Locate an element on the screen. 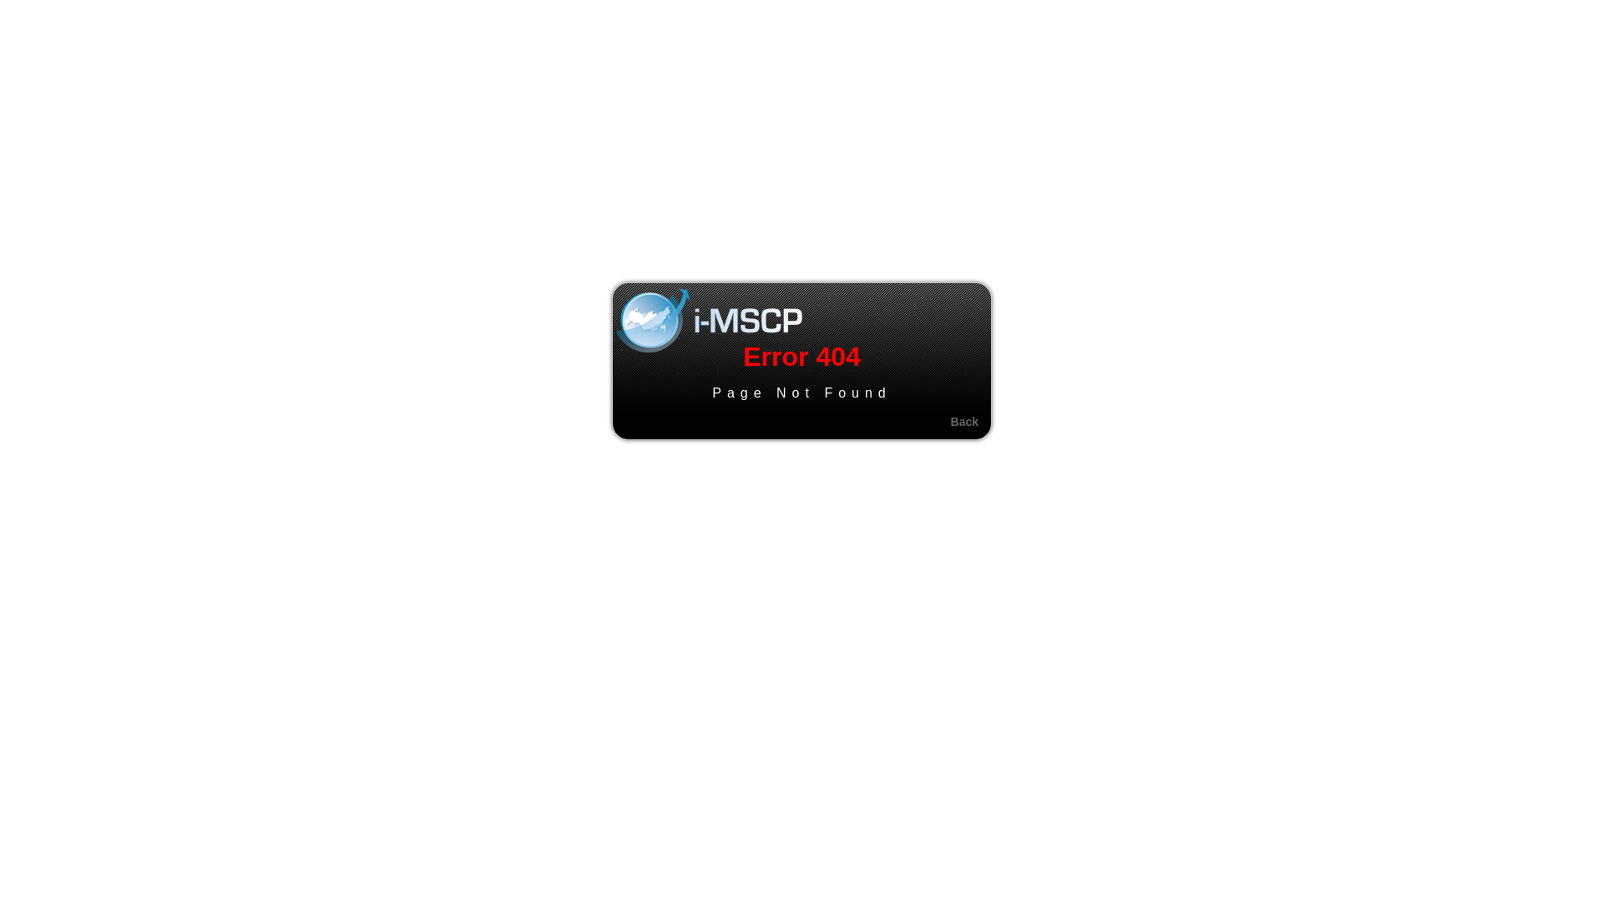  'Back' is located at coordinates (964, 421).